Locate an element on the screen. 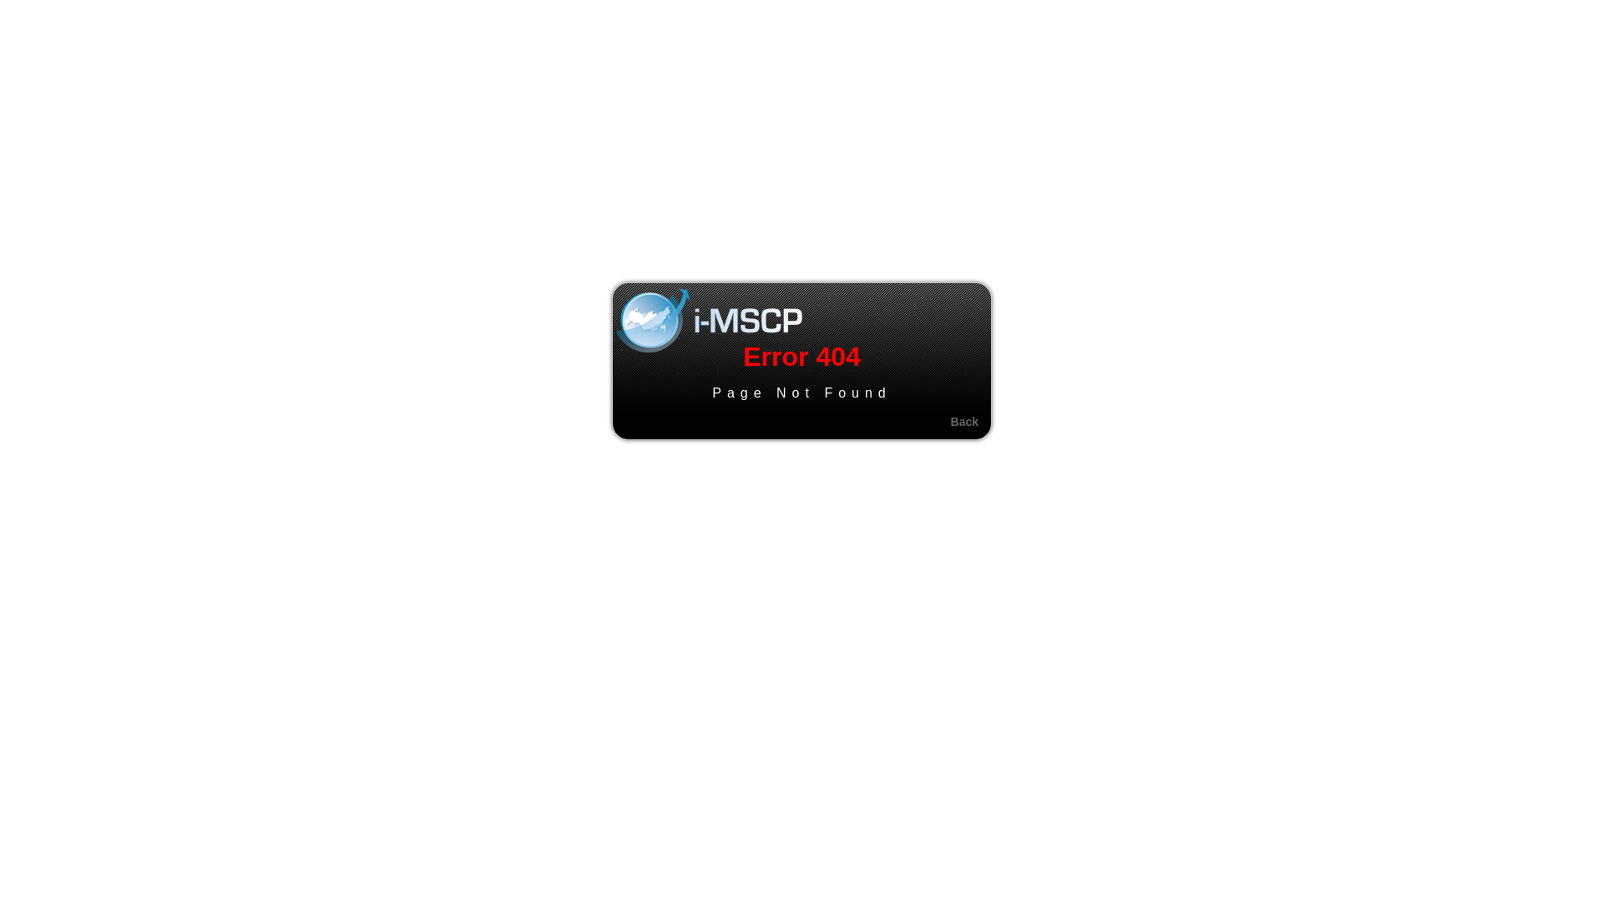  'Back' is located at coordinates (964, 421).